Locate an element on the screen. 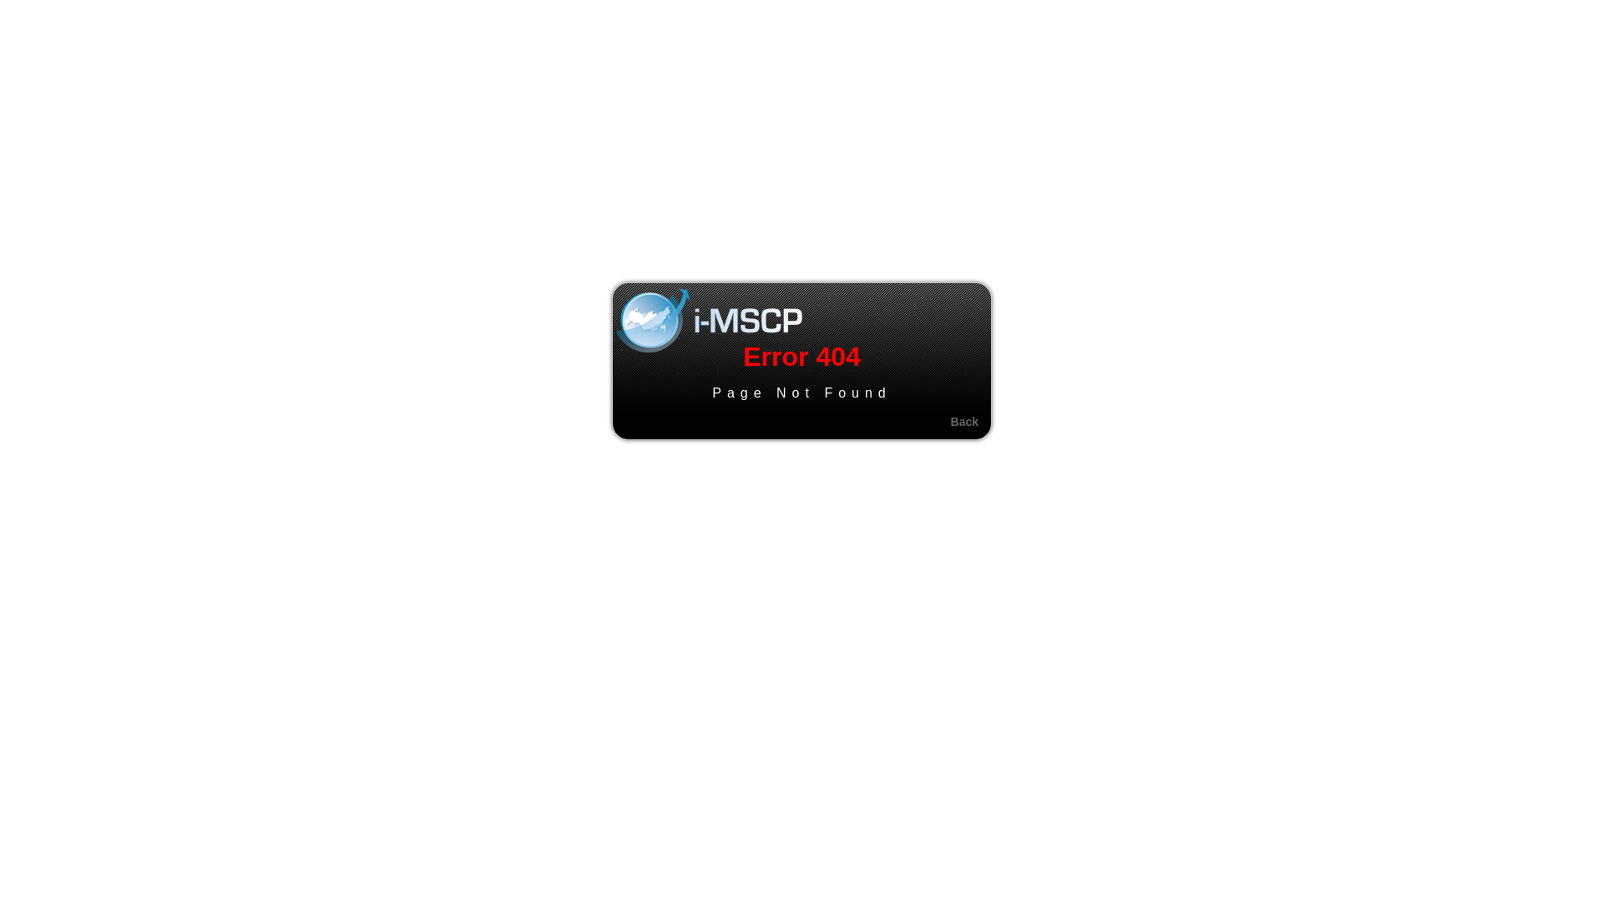  'Back' is located at coordinates (964, 421).